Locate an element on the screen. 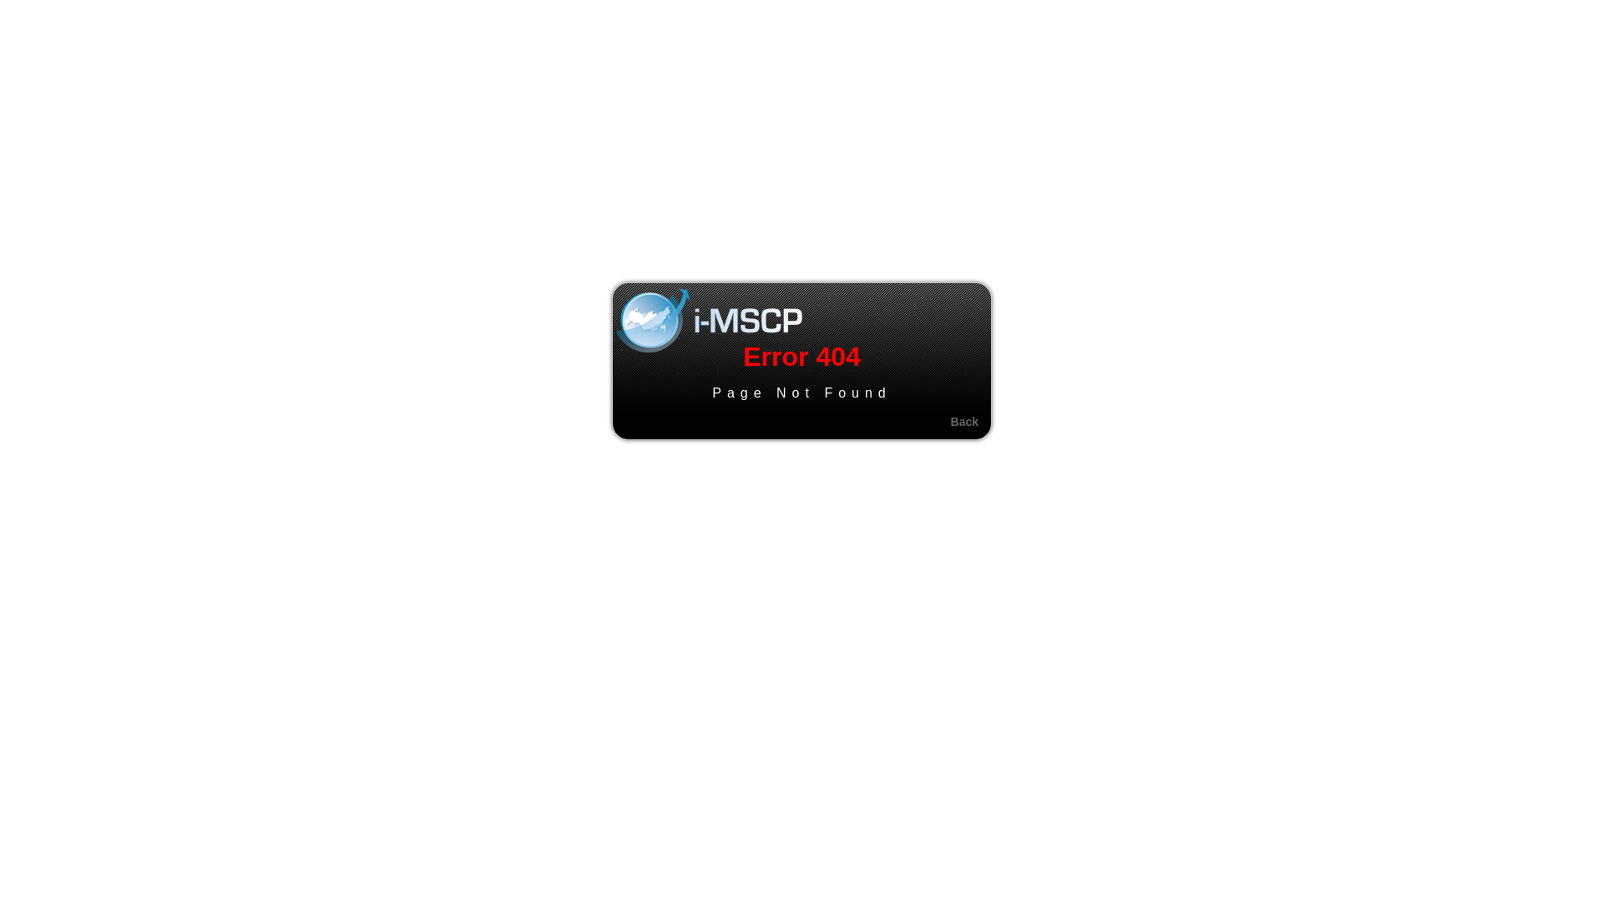  'Back' is located at coordinates (964, 421).